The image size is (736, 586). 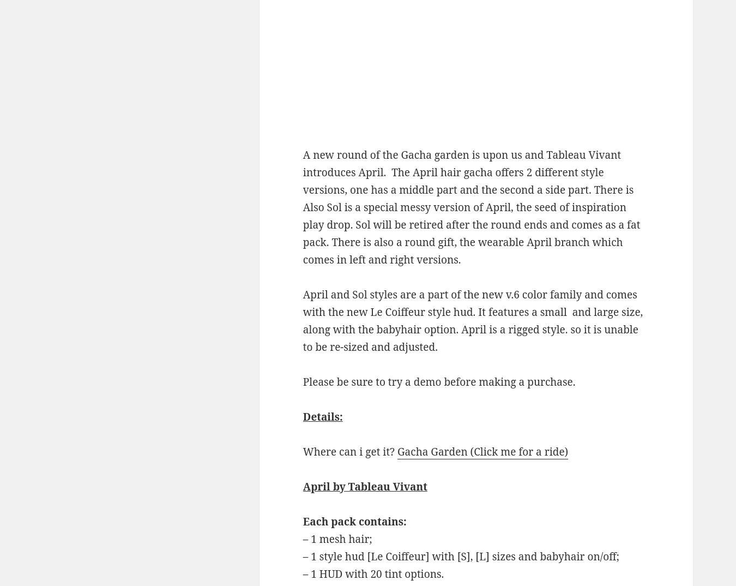 I want to click on 'April by Tableau Vivant', so click(x=365, y=485).